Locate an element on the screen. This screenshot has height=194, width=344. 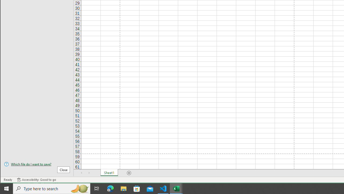
'Visual Studio Code - 1 running window' is located at coordinates (163, 188).